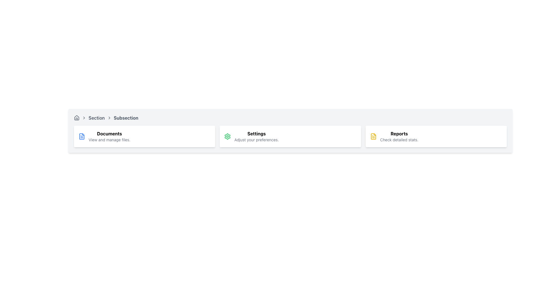 This screenshot has width=540, height=304. What do you see at coordinates (290, 137) in the screenshot?
I see `the navigation card positioned horizontally in the center, which serves for accessing settings or adjusting preferences` at bounding box center [290, 137].